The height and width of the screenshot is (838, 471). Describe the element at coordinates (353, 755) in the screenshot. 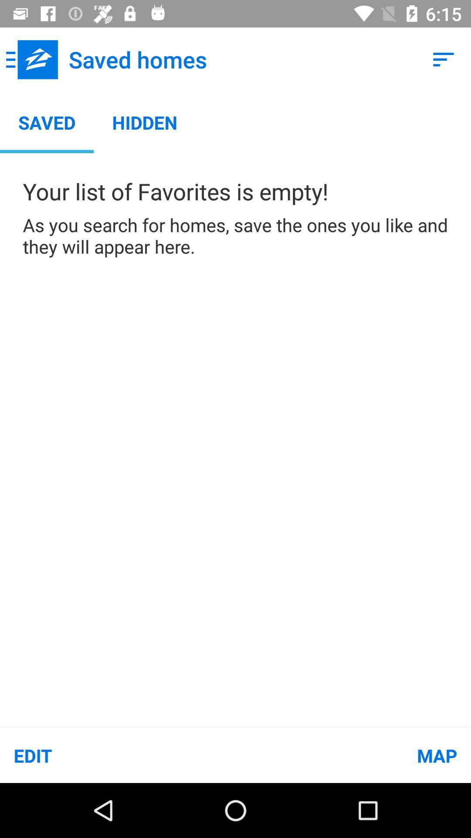

I see `map icon` at that location.